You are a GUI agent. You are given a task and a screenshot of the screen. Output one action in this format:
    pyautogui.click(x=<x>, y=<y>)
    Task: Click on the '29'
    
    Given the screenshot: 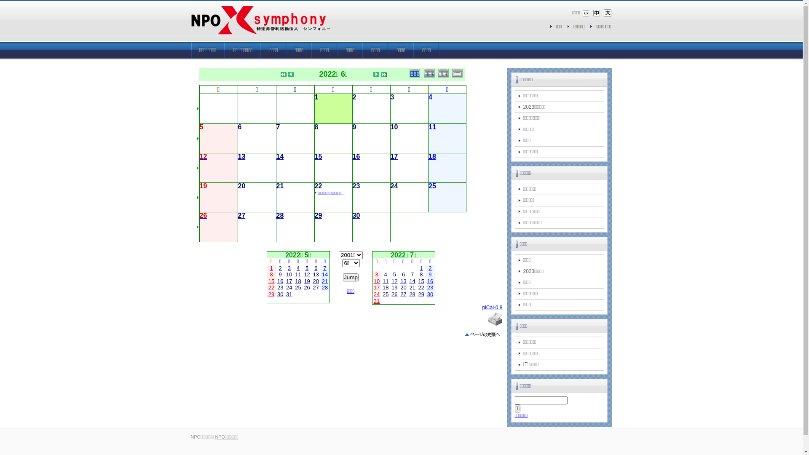 What is the action you would take?
    pyautogui.click(x=317, y=216)
    